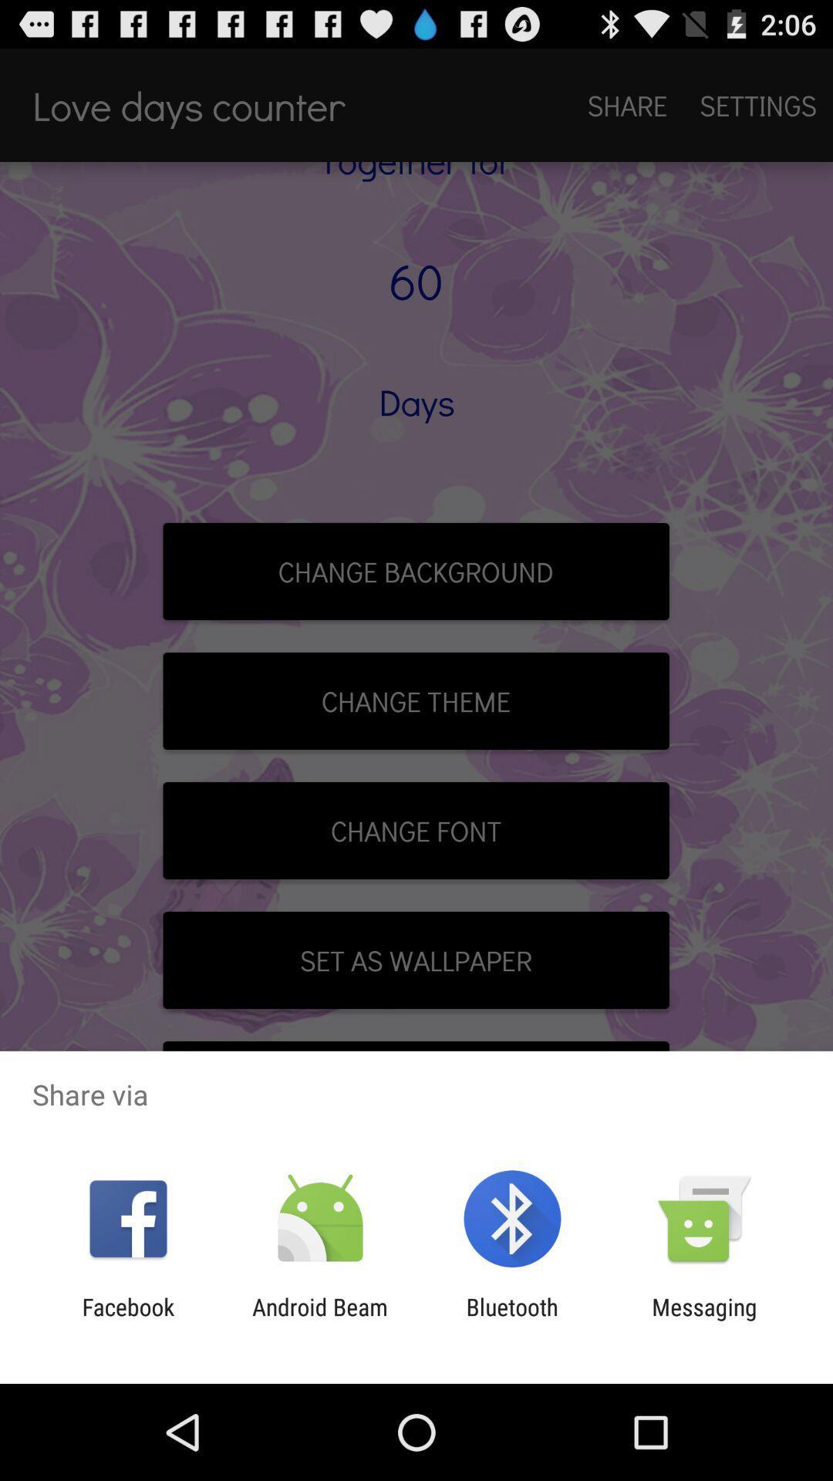  I want to click on the app to the left of bluetooth, so click(319, 1320).